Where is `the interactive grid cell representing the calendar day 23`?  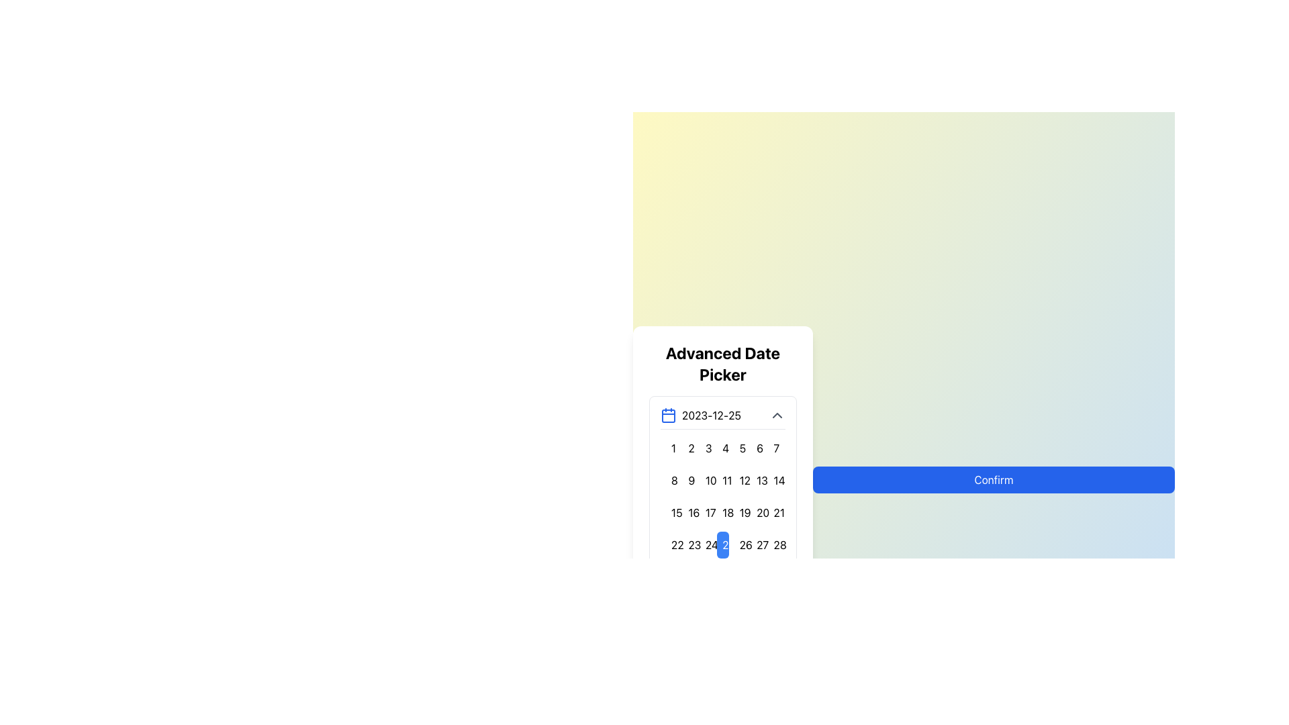 the interactive grid cell representing the calendar day 23 is located at coordinates (689, 544).